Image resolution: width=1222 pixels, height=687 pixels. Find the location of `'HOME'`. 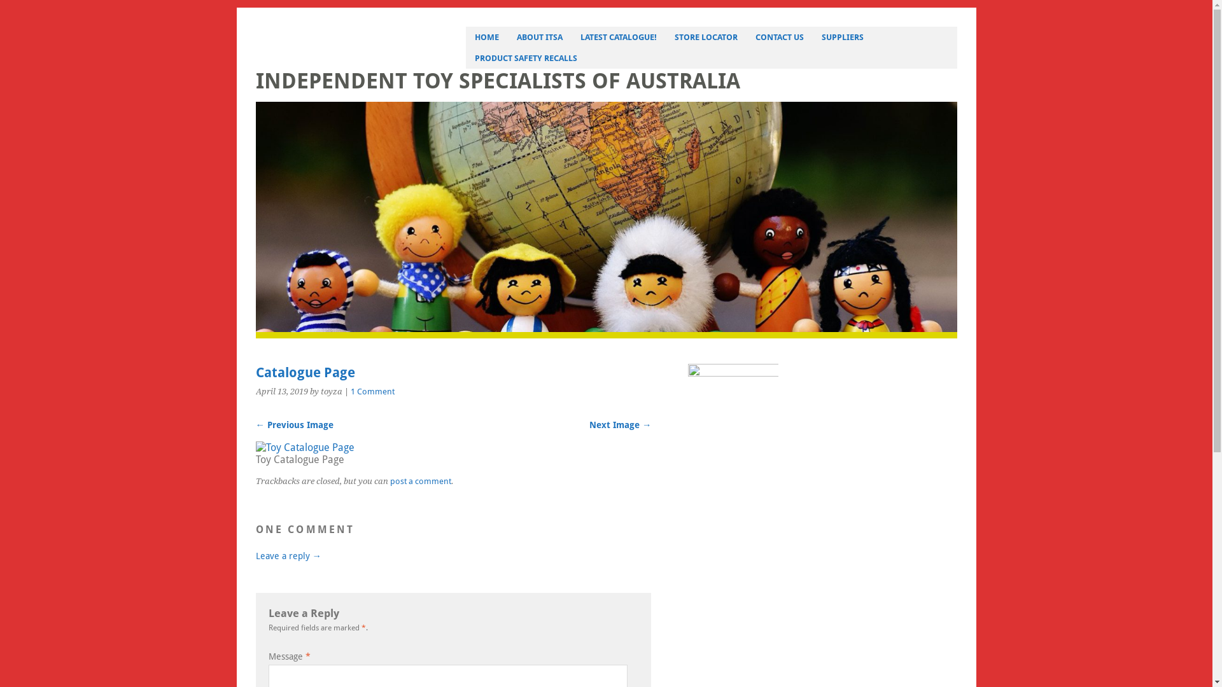

'HOME' is located at coordinates (486, 36).